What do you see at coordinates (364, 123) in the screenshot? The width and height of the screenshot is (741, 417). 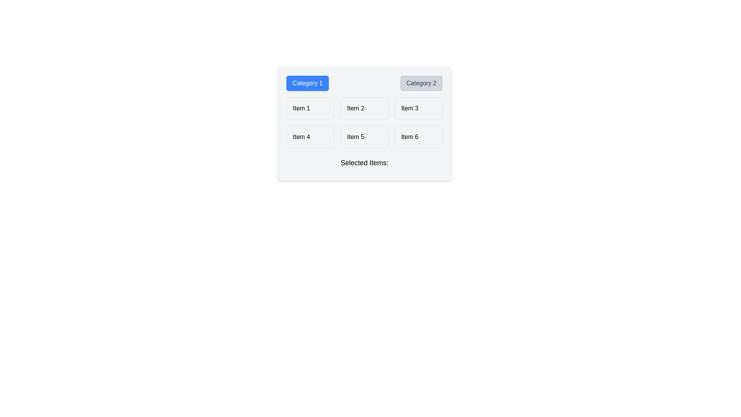 I see `text within the composite component that includes buttons labeled 'Category 1' and 'Category 2', along with grid items and the 'Selected Items:' text for reading` at bounding box center [364, 123].